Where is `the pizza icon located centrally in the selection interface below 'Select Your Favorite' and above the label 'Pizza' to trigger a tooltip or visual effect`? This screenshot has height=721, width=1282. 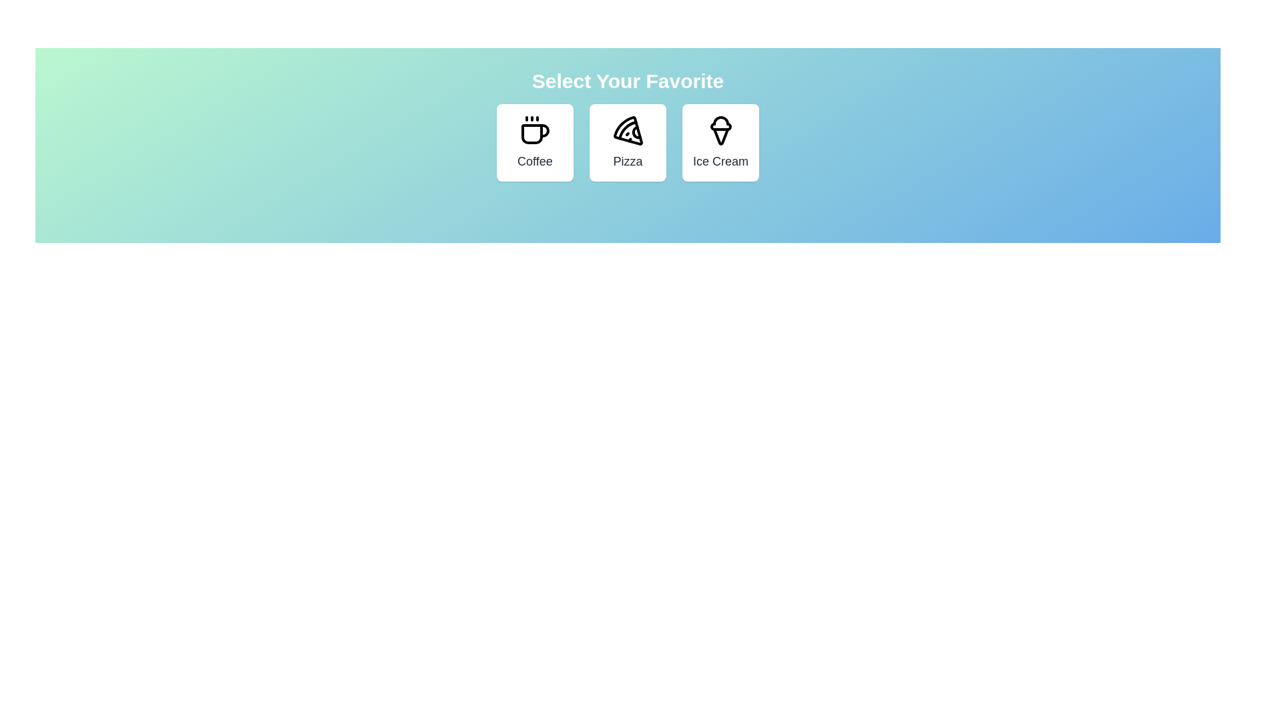
the pizza icon located centrally in the selection interface below 'Select Your Favorite' and above the label 'Pizza' to trigger a tooltip or visual effect is located at coordinates (627, 131).